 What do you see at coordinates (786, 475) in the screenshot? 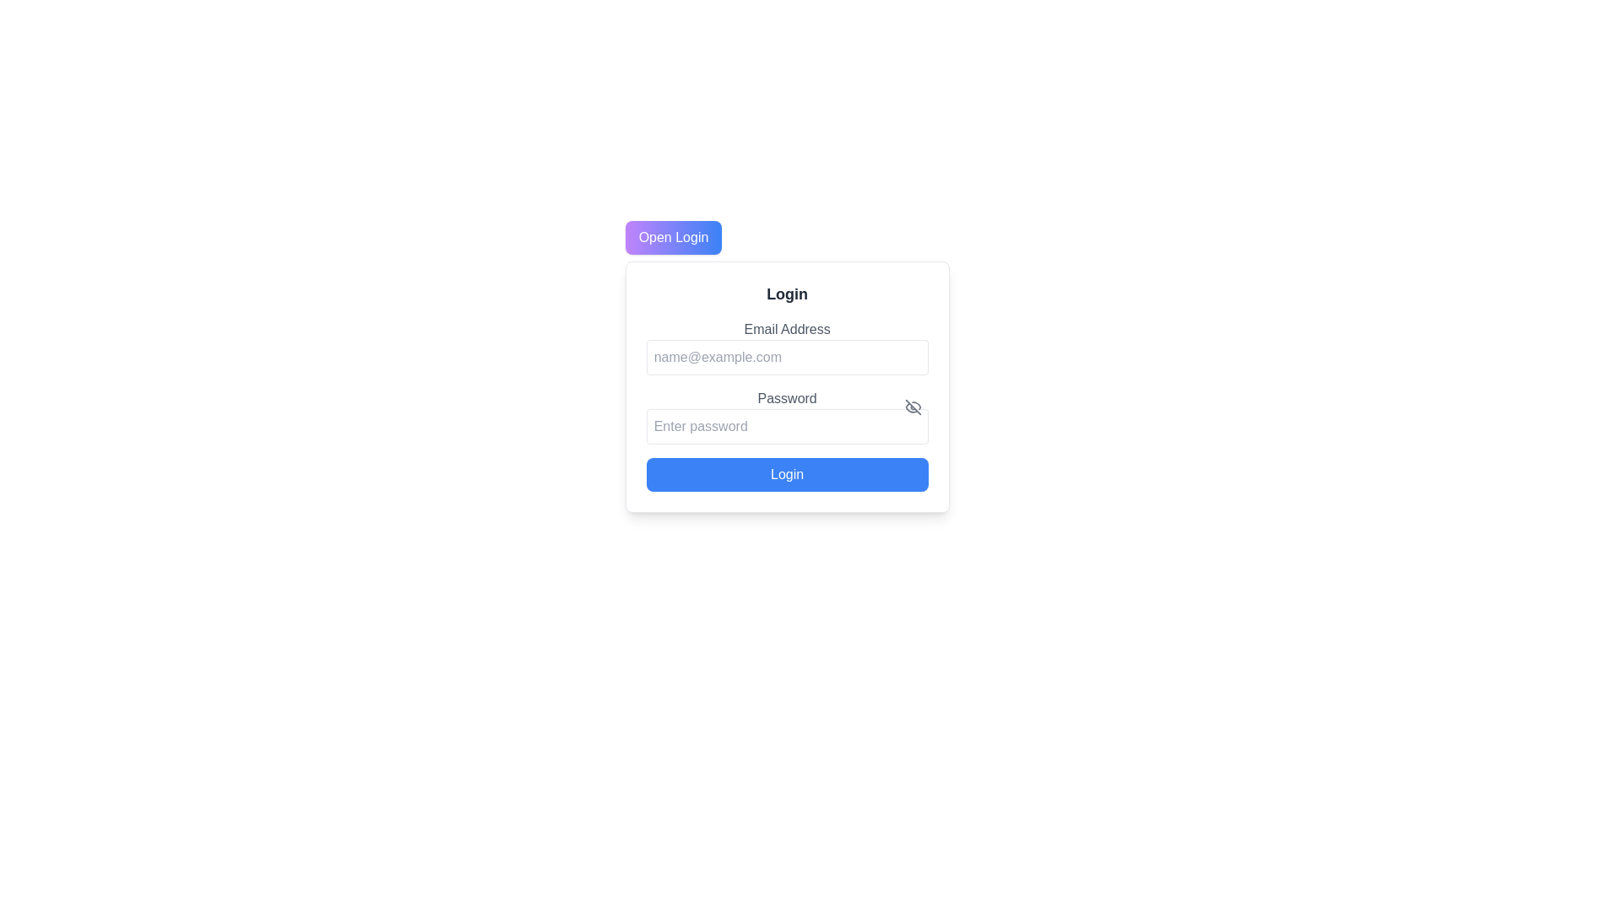
I see `the 'Login' button` at bounding box center [786, 475].